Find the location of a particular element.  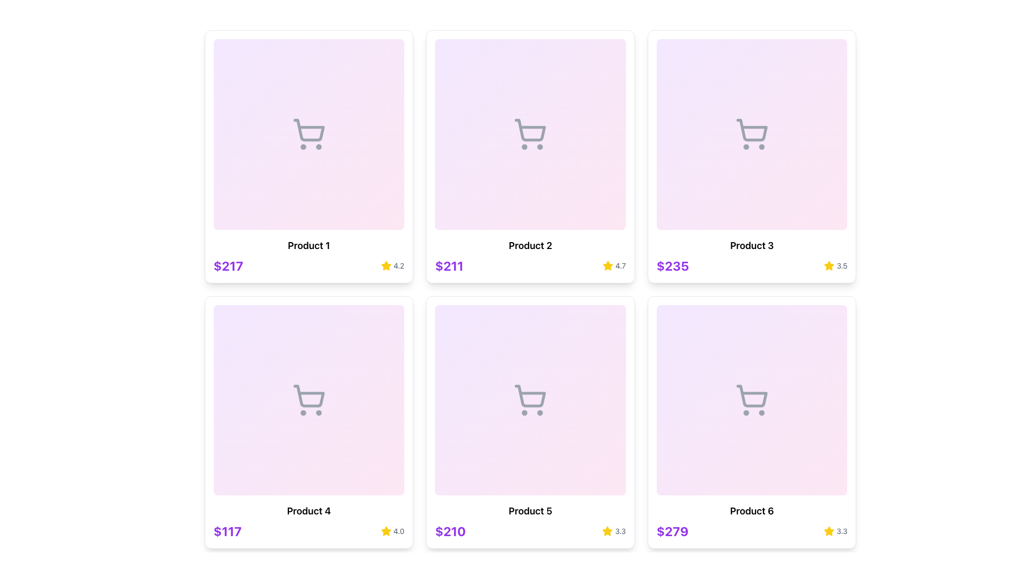

the star icon in the bottom-right corner of the 'Product 6' card, which indicates a rating of '3.3' is located at coordinates (829, 531).